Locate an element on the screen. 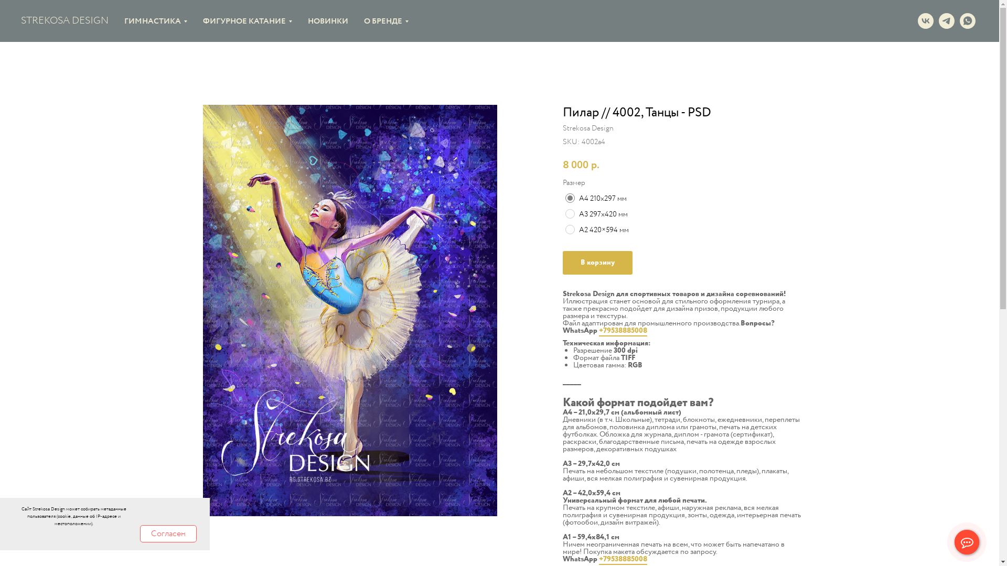  'STREKOSA DESIGN' is located at coordinates (20, 20).